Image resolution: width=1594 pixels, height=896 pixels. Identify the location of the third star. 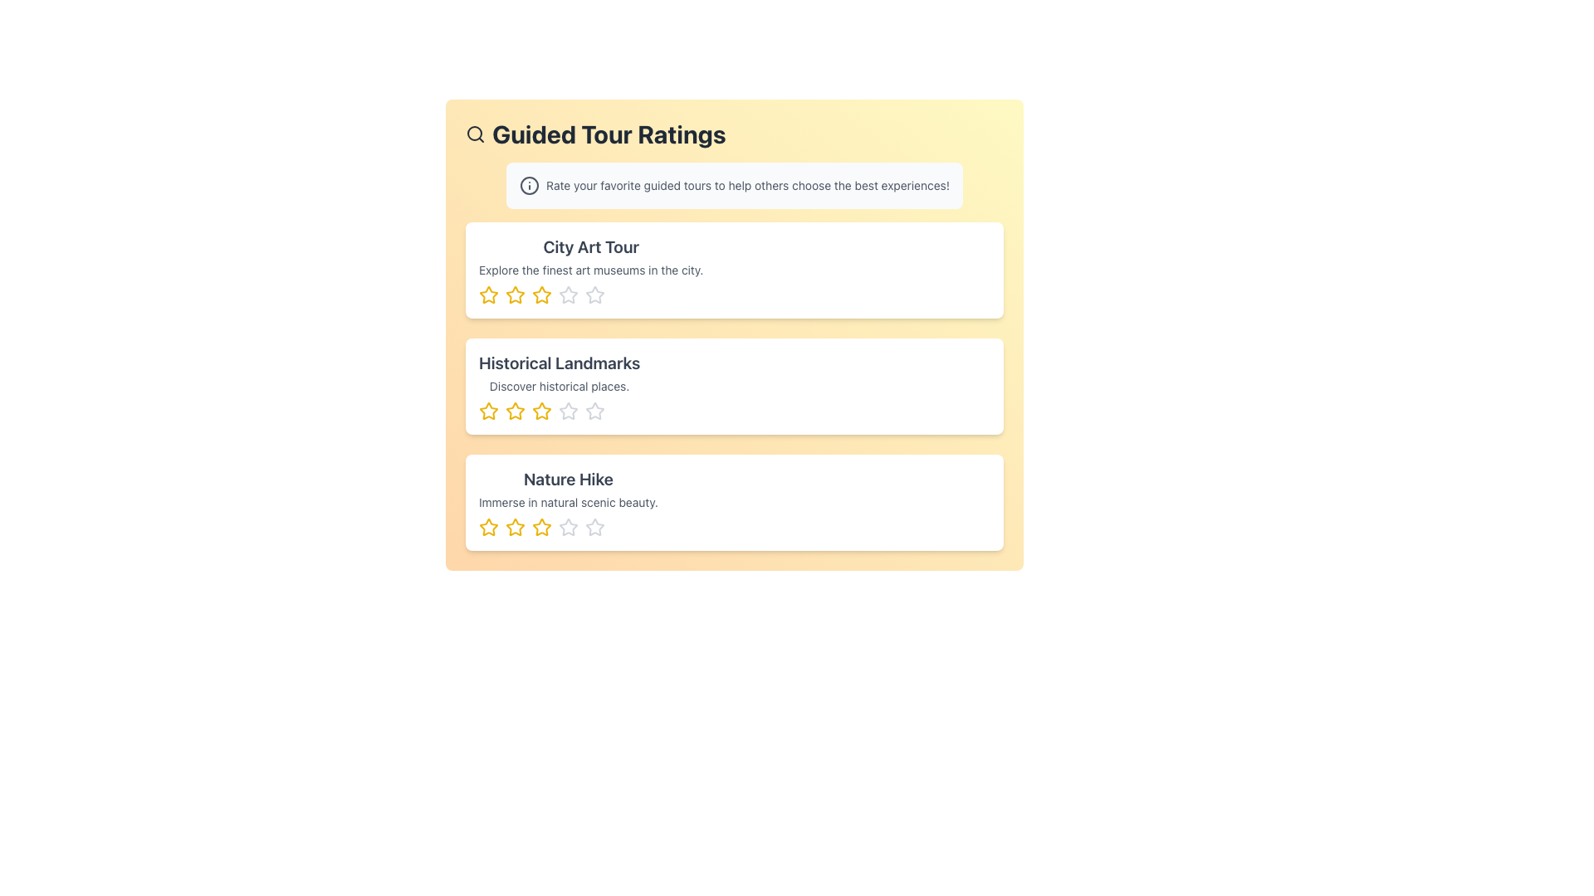
(569, 411).